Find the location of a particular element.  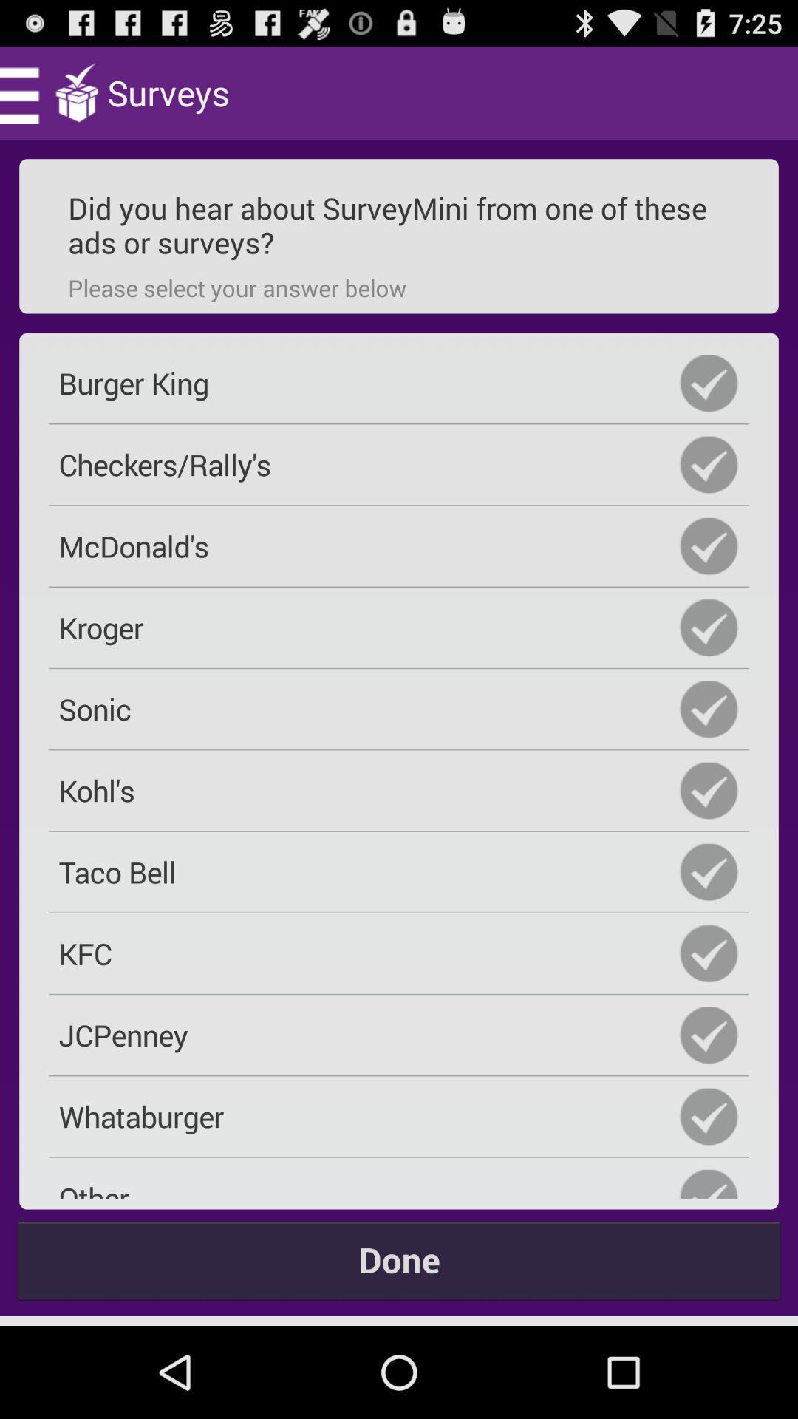

item below other icon is located at coordinates (399, 1259).